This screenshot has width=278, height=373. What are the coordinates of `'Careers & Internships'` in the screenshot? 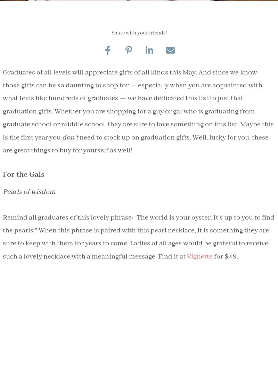 It's located at (143, 186).